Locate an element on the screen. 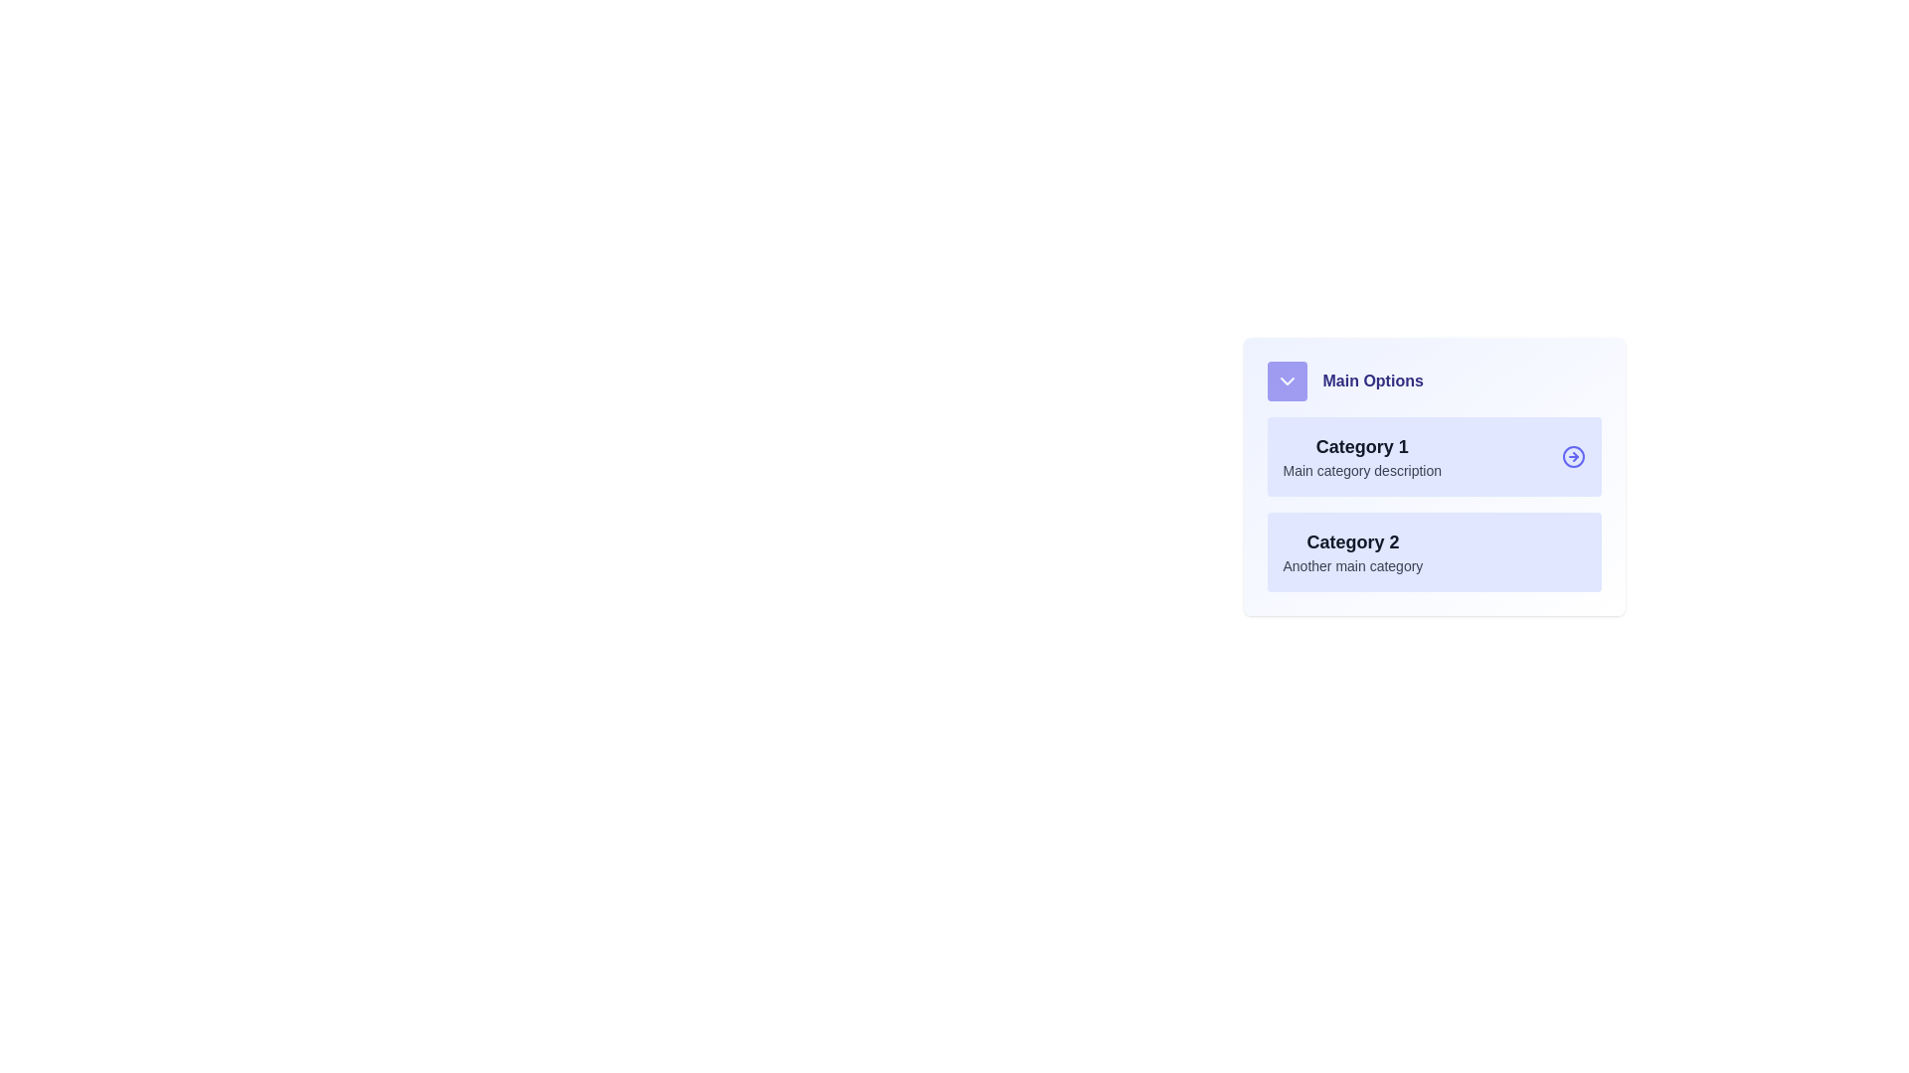 The image size is (1909, 1073). the text label that serves as the title for the category, located at the top of the category information box is located at coordinates (1361, 447).